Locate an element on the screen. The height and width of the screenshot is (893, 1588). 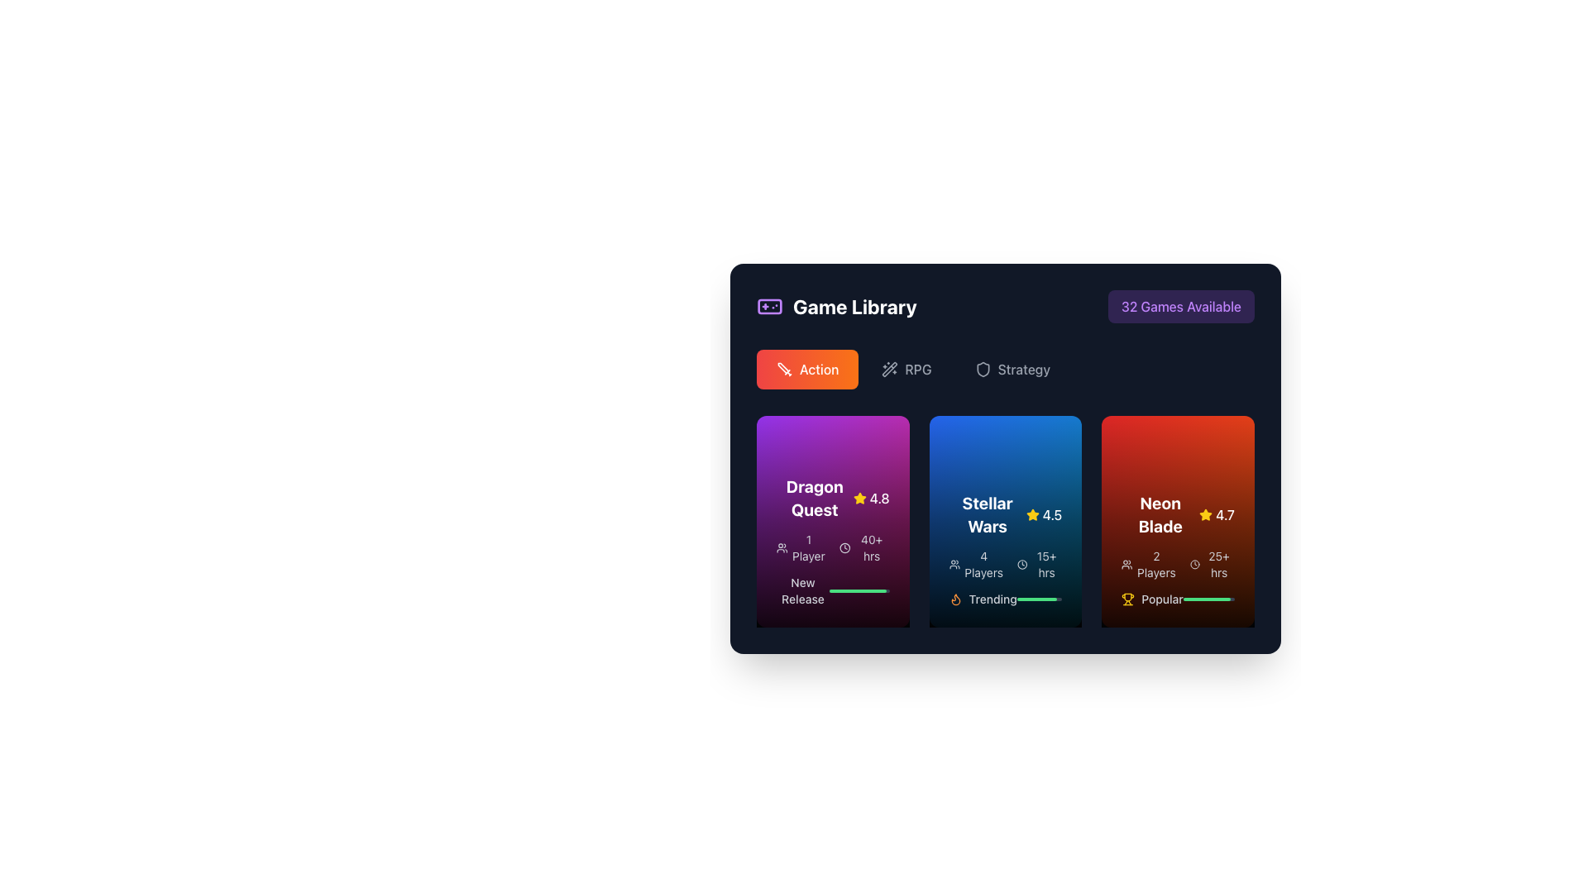
label 'Trending' which features a flame icon styled in orange and bold gray text, located in the 'Stellar Wars' card below the players and hours section, next to a green progress bar is located at coordinates (983, 599).